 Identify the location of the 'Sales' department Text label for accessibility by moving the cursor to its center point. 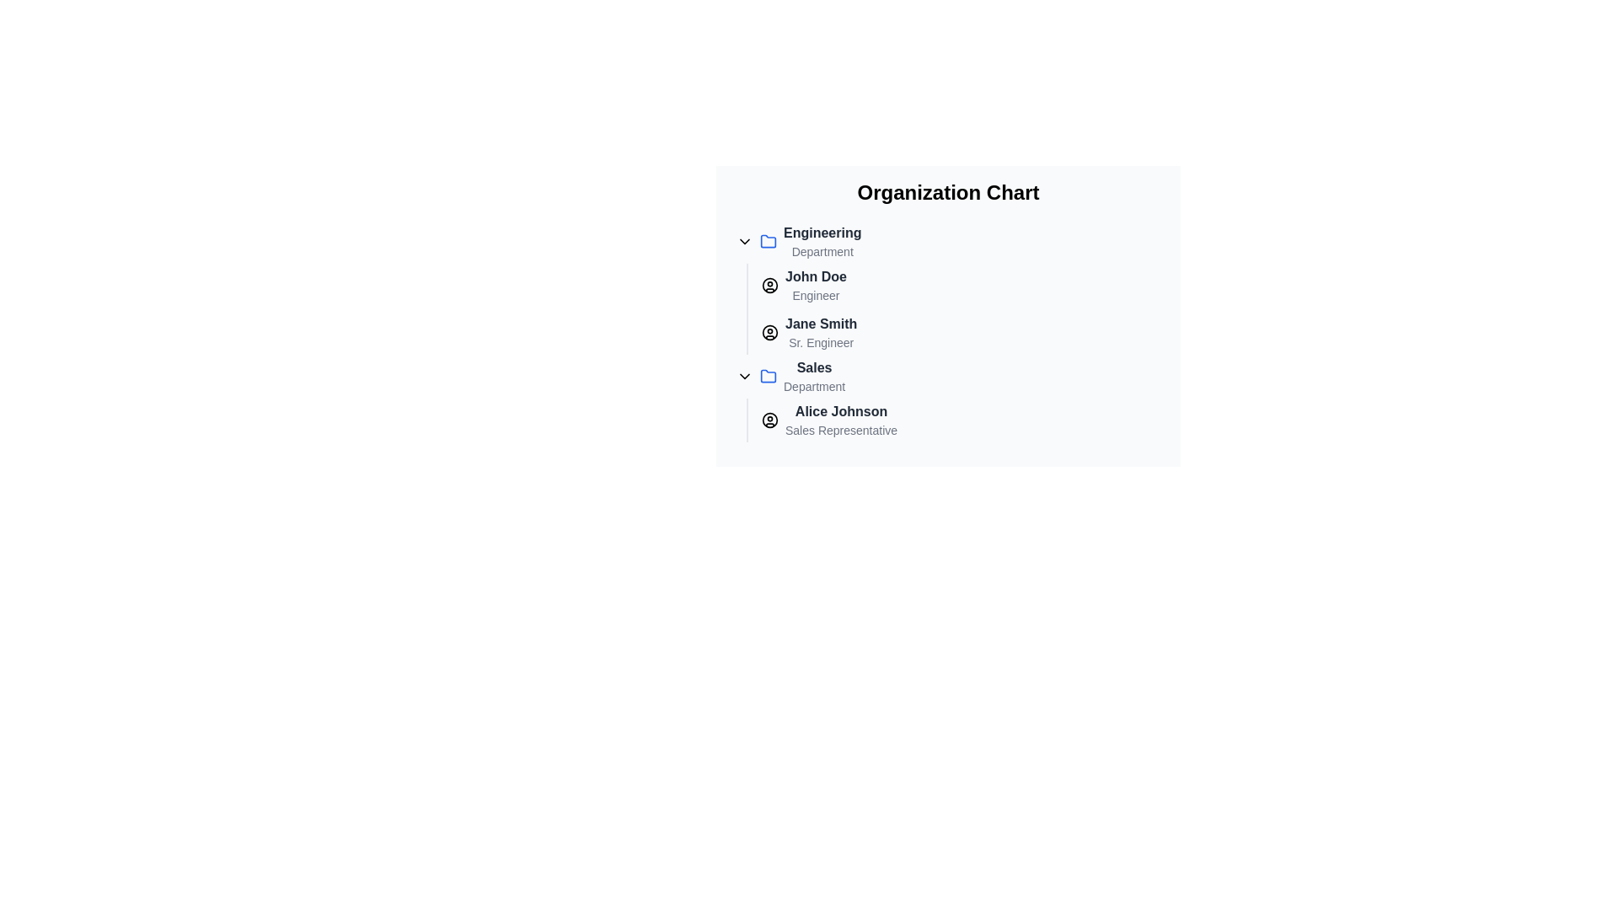
(814, 376).